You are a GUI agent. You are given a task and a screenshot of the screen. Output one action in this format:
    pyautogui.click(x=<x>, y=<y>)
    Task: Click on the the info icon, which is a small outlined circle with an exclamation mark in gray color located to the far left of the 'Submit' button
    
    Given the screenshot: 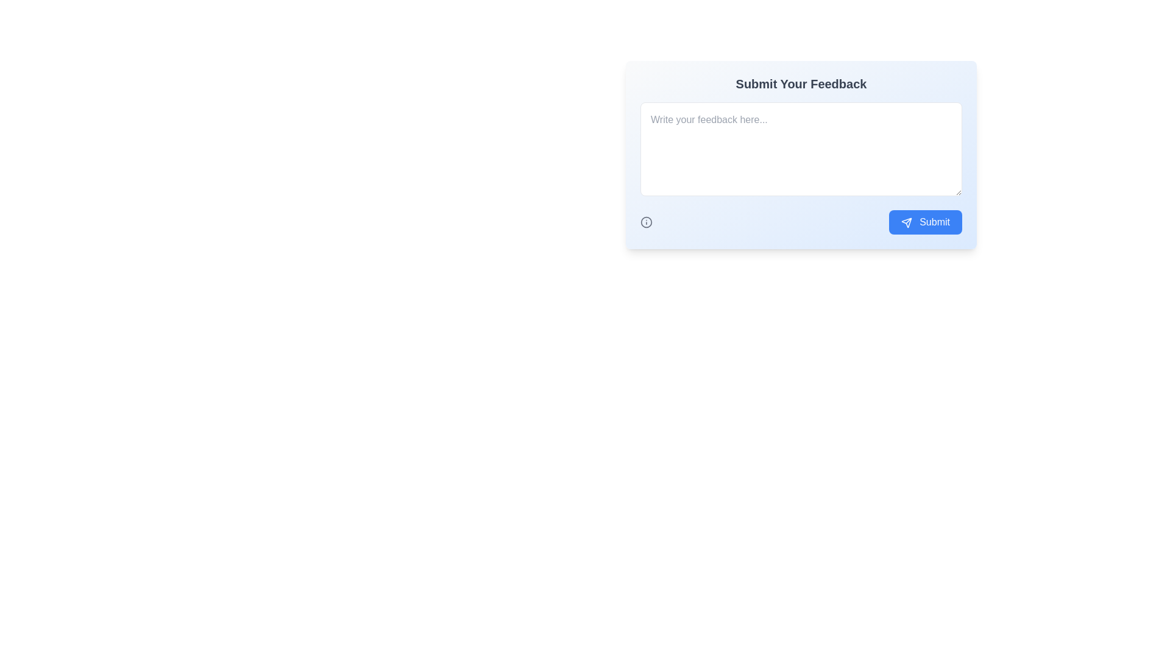 What is the action you would take?
    pyautogui.click(x=645, y=222)
    